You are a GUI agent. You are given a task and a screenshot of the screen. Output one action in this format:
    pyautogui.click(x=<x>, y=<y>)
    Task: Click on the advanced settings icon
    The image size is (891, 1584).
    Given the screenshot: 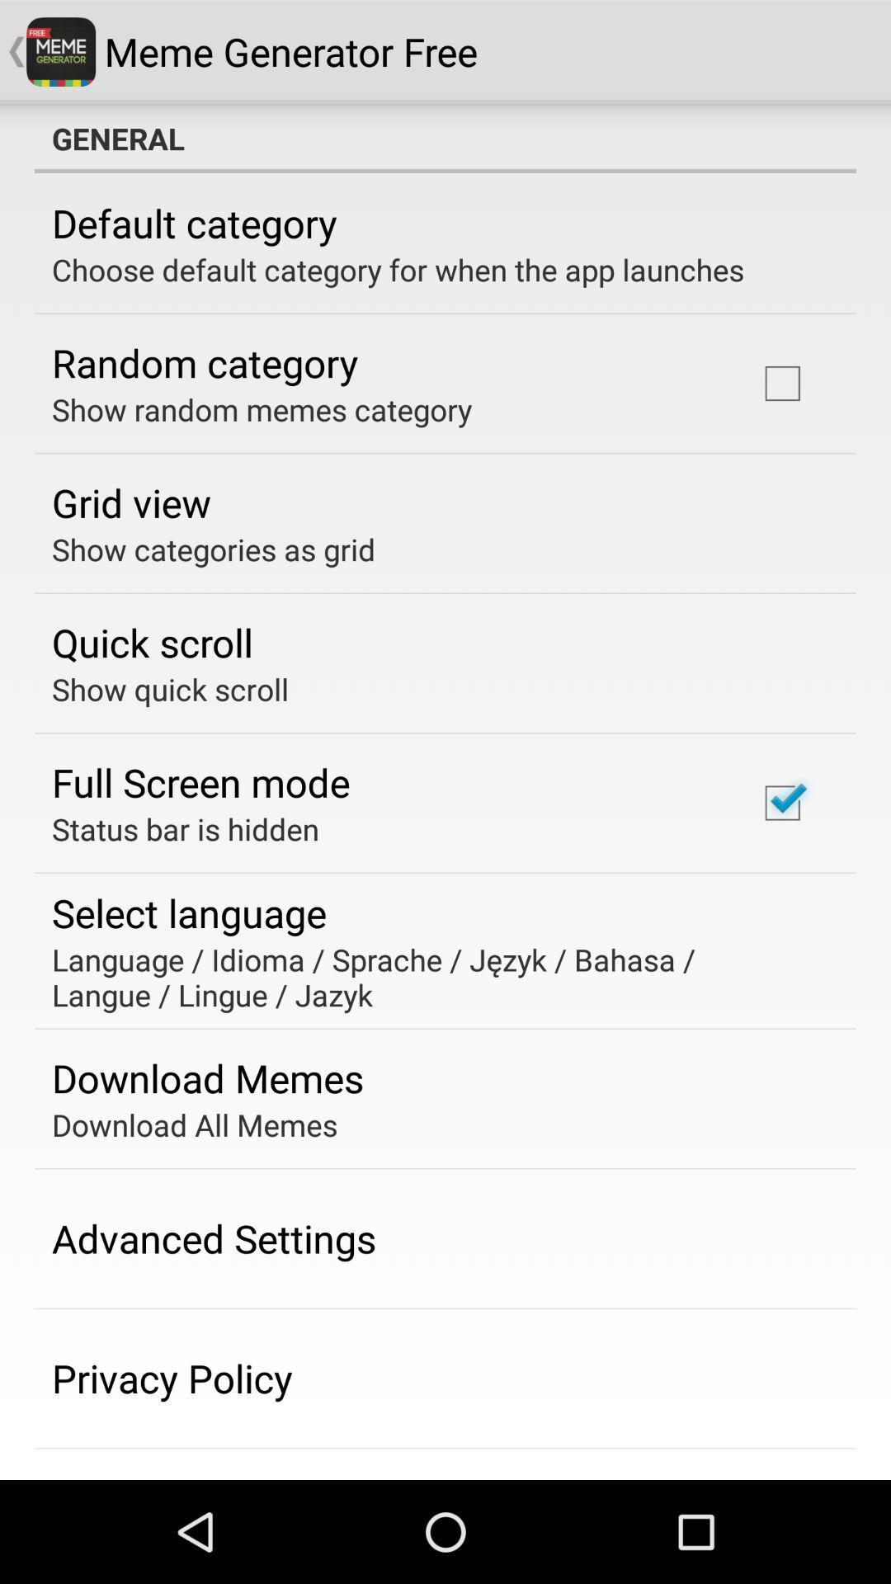 What is the action you would take?
    pyautogui.click(x=213, y=1238)
    